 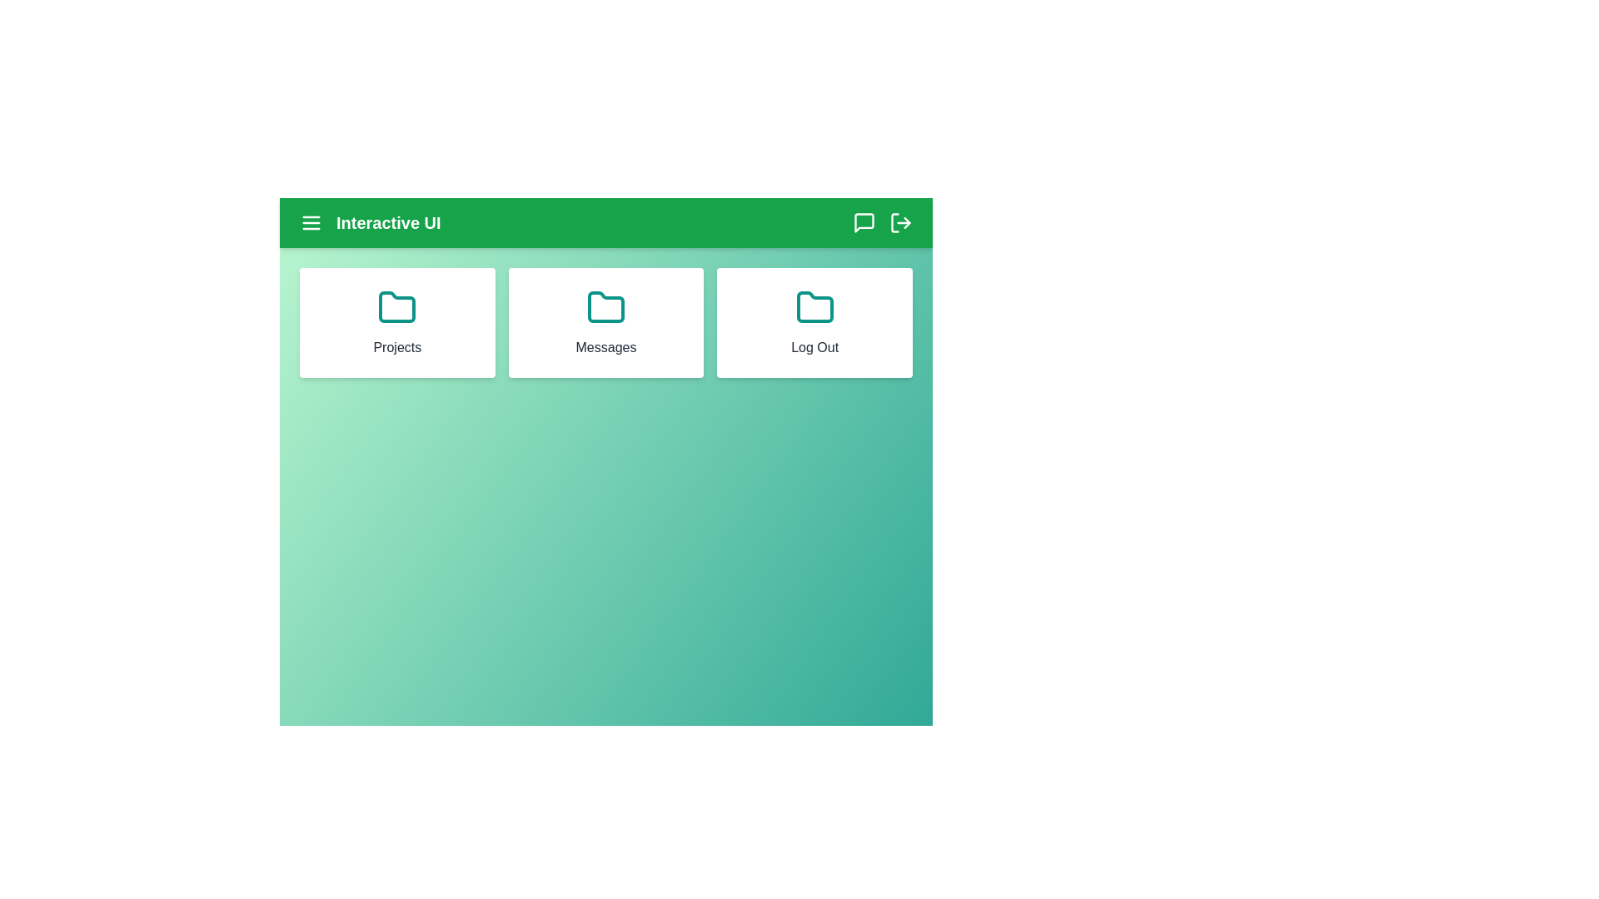 I want to click on the element corresponding to Messages, so click(x=605, y=323).